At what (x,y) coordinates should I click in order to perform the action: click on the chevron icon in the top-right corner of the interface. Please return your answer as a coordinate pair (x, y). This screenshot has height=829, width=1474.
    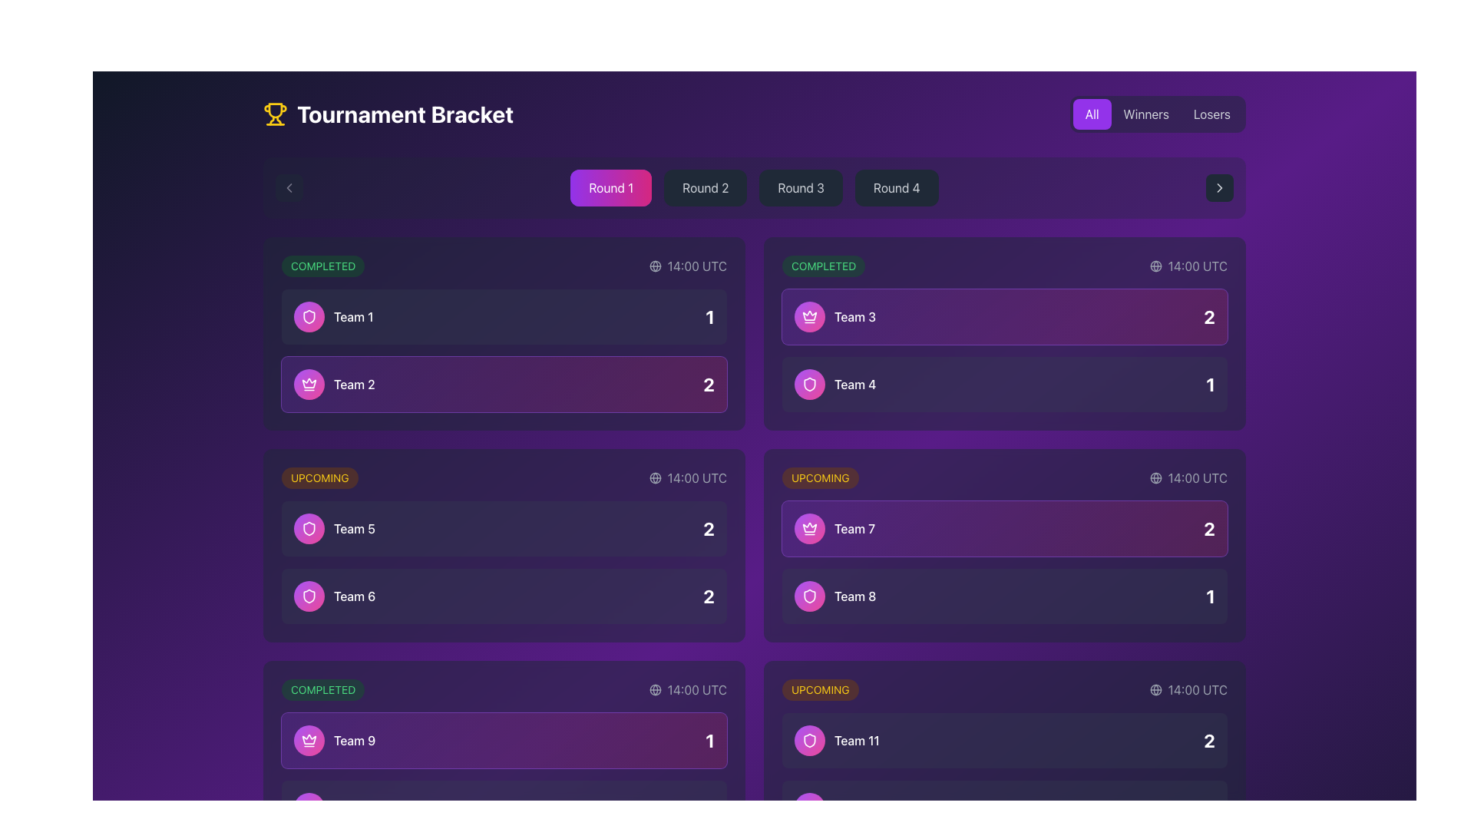
    Looking at the image, I should click on (1218, 187).